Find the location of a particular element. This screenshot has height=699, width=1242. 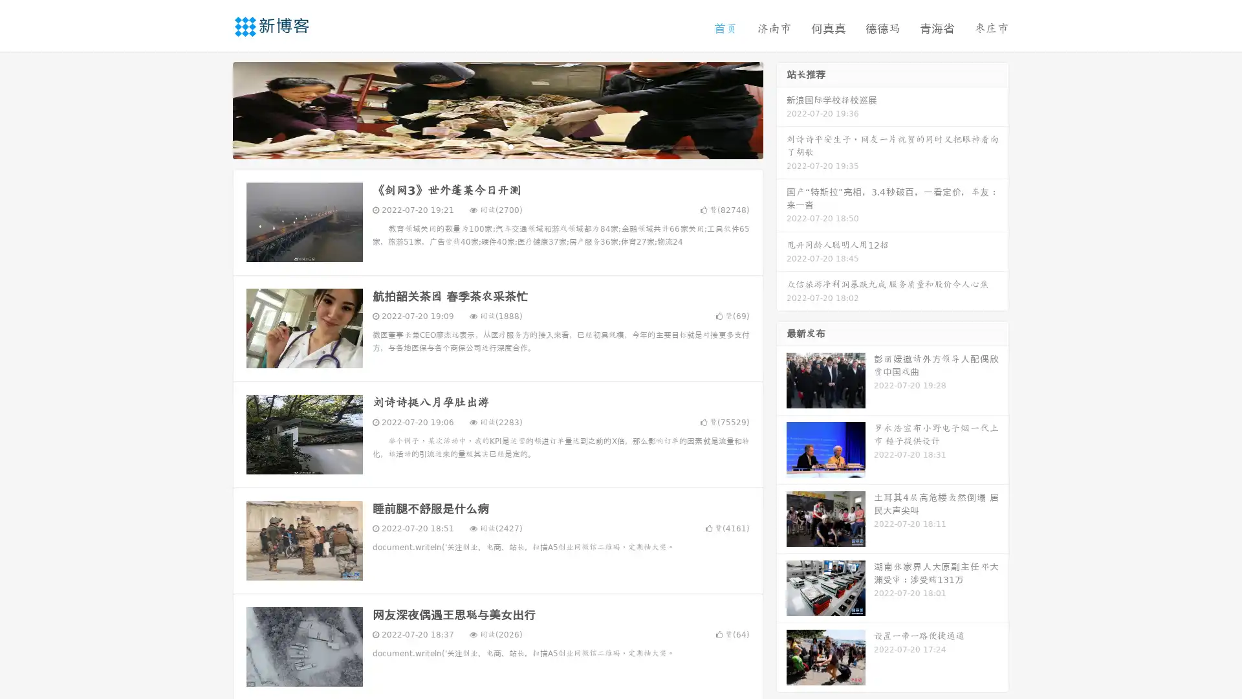

Go to slide 1 is located at coordinates (484, 146).